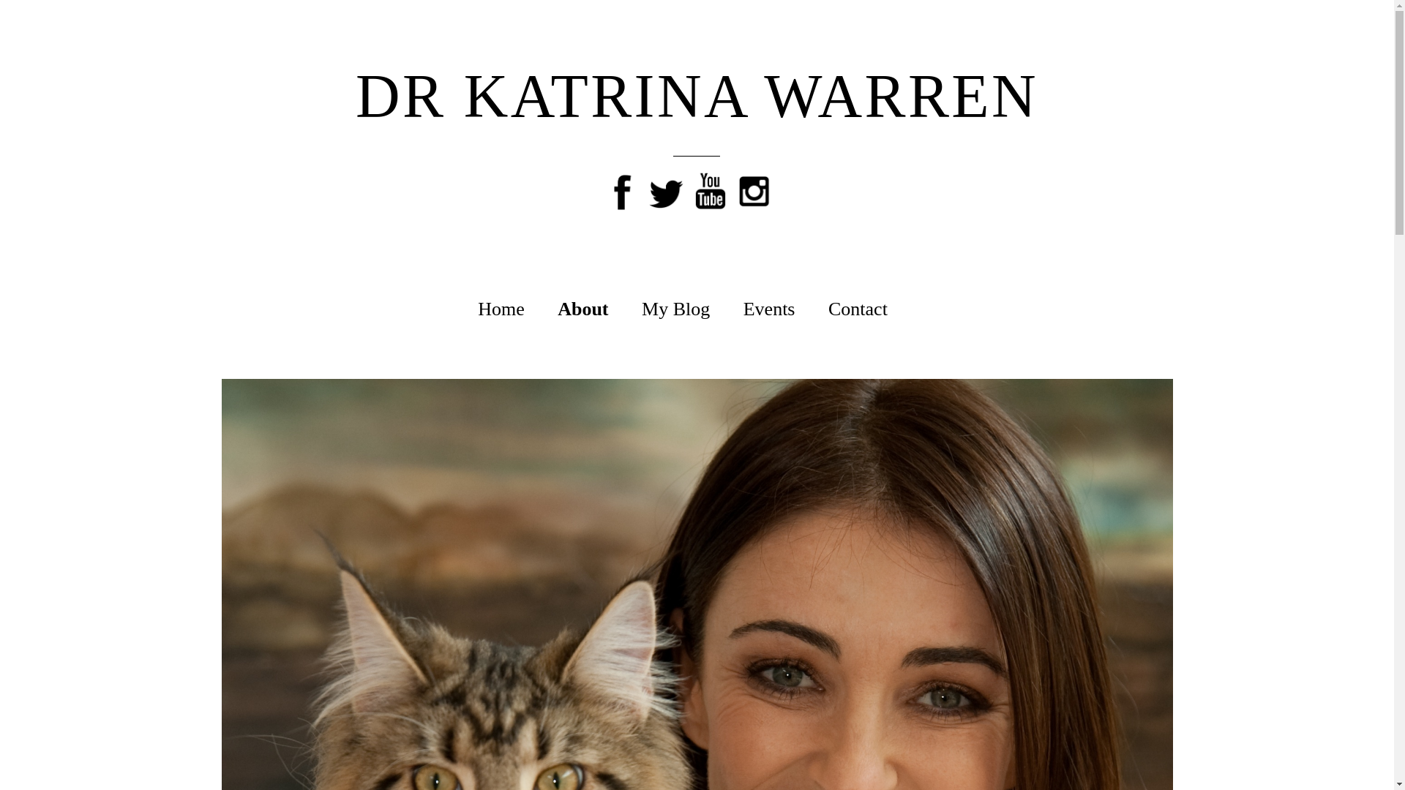 The height and width of the screenshot is (790, 1405). What do you see at coordinates (754, 186) in the screenshot?
I see `'Instagram'` at bounding box center [754, 186].